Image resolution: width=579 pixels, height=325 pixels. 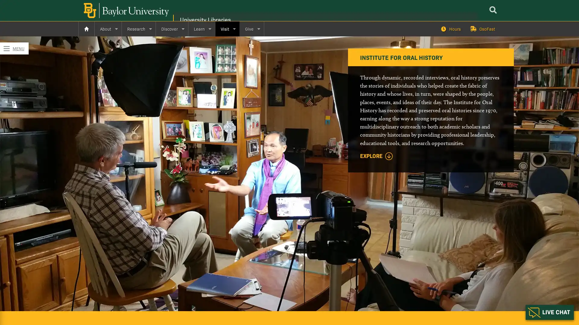 What do you see at coordinates (550, 312) in the screenshot?
I see `Start chat` at bounding box center [550, 312].